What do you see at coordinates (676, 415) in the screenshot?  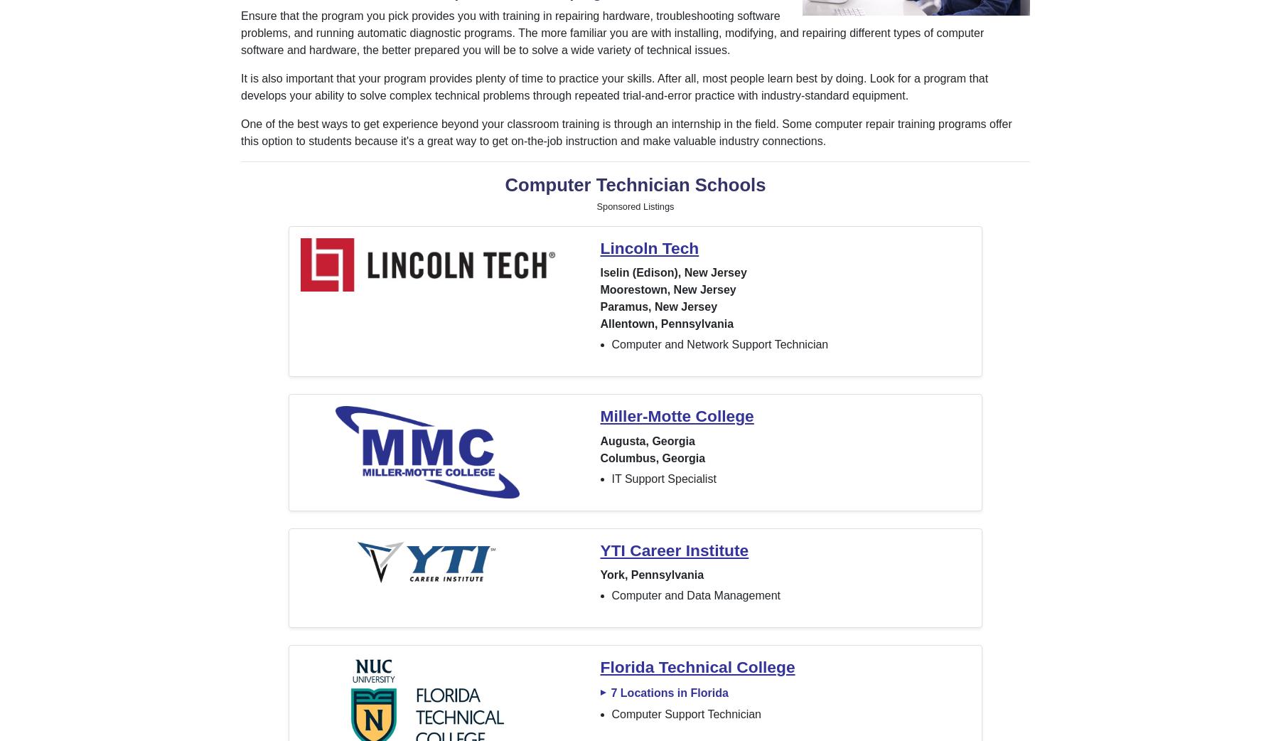 I see `'Miller-Motte College'` at bounding box center [676, 415].